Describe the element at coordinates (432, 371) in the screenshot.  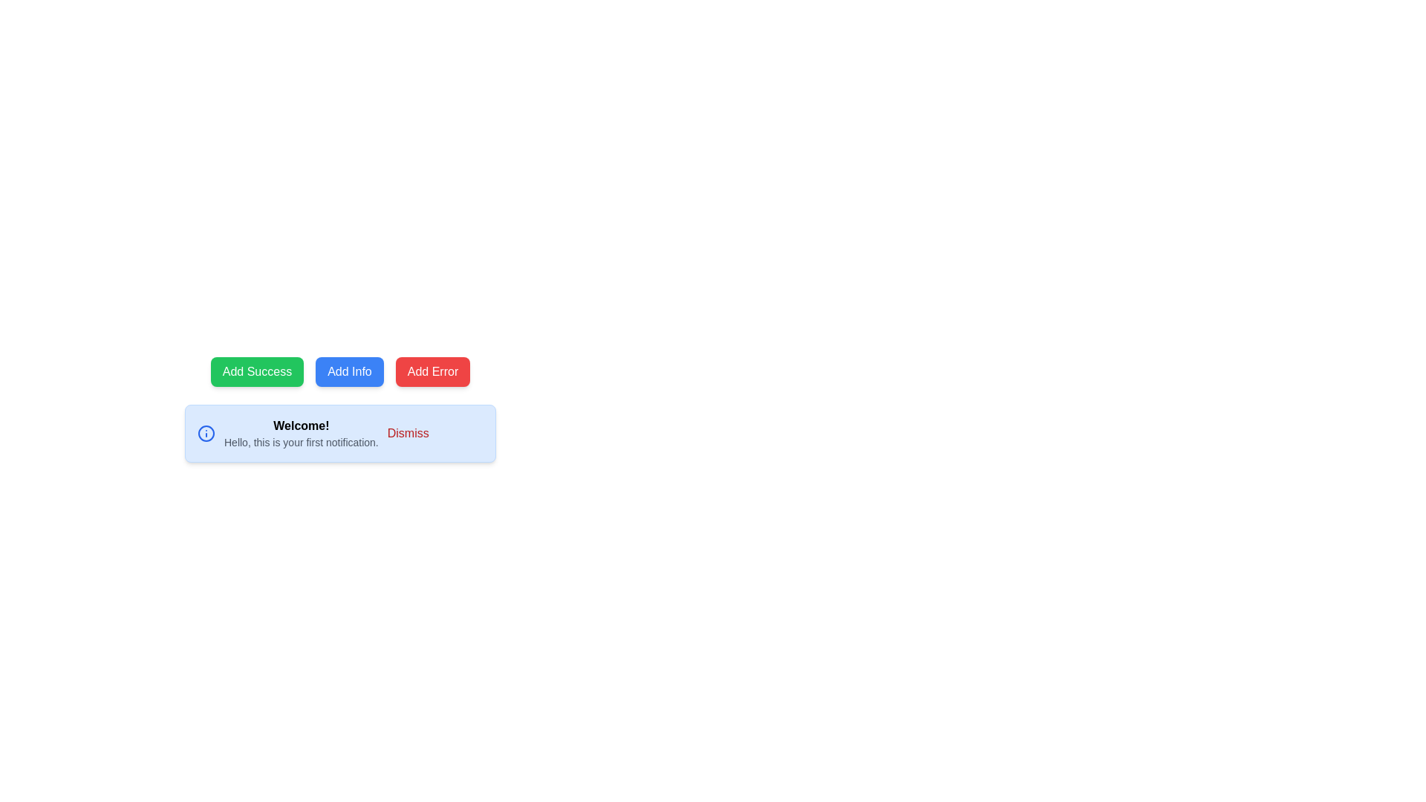
I see `the error-triggering button located to the right of the 'Add Success' and 'Add Info' buttons` at that location.